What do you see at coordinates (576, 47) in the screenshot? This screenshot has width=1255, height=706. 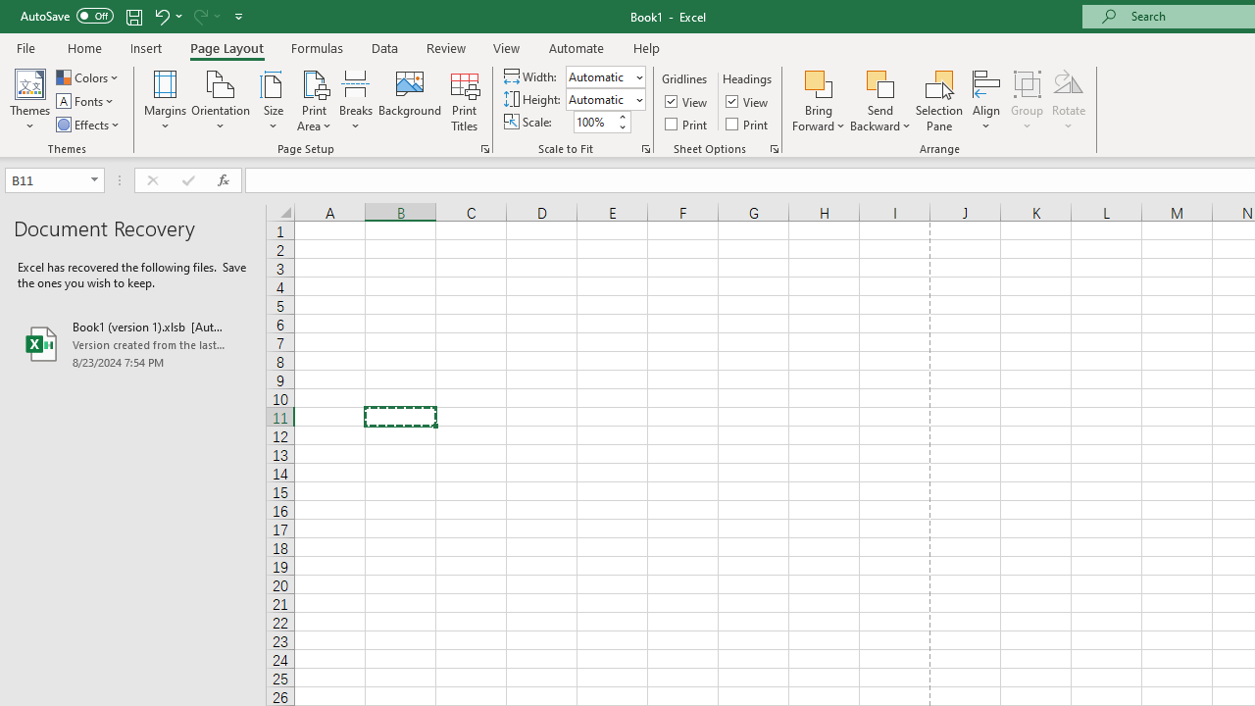 I see `'Automate'` at bounding box center [576, 47].